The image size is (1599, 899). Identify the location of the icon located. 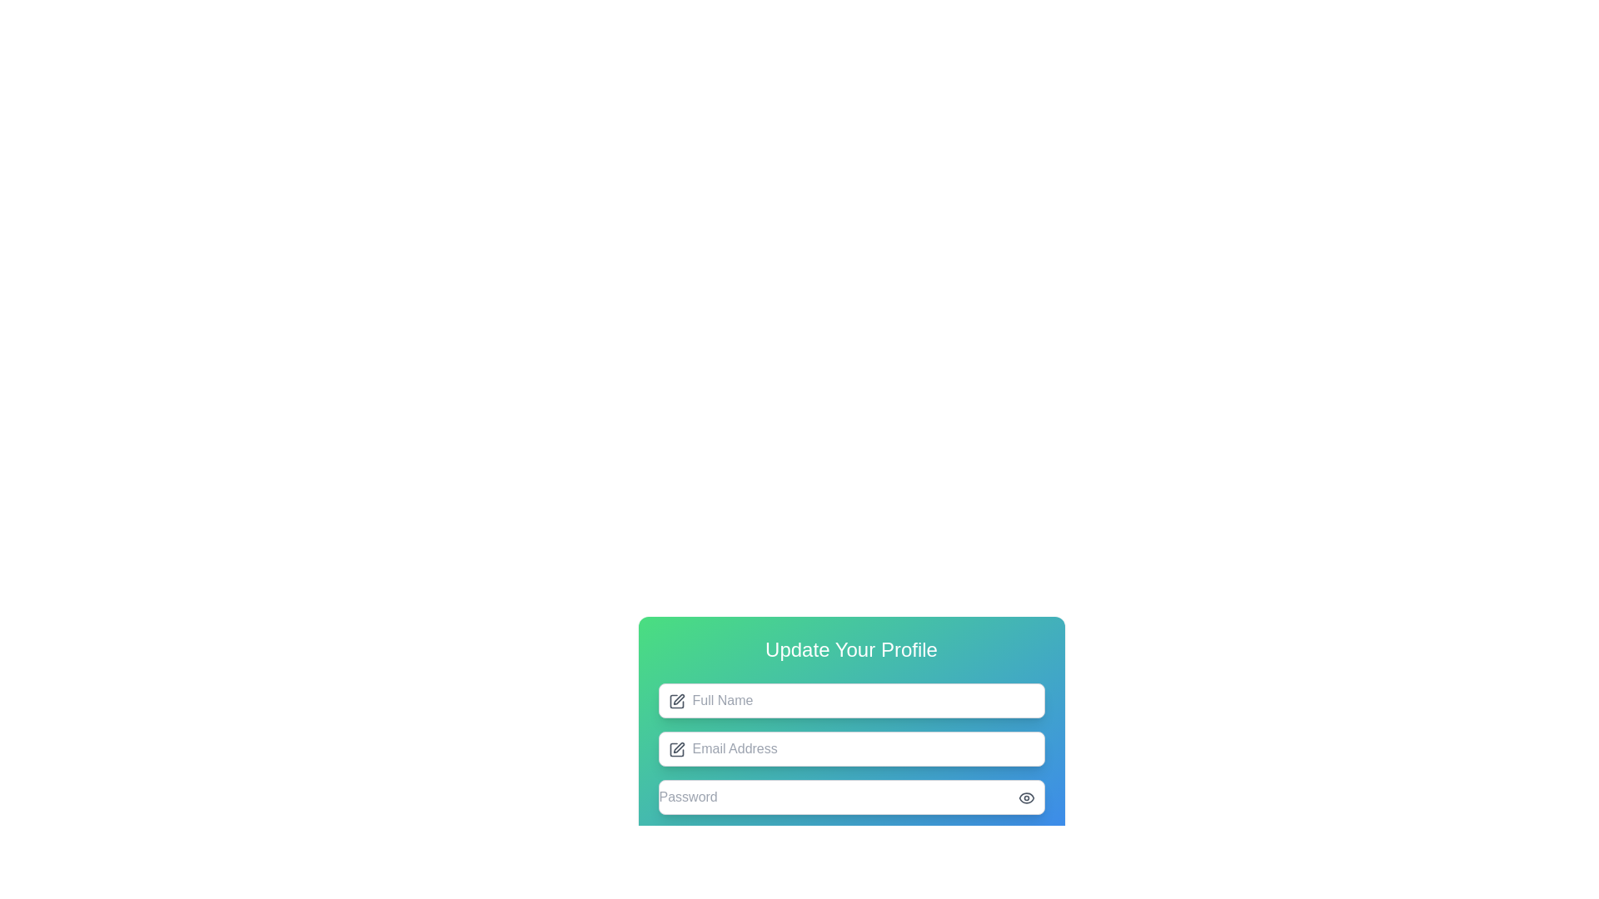
(676, 702).